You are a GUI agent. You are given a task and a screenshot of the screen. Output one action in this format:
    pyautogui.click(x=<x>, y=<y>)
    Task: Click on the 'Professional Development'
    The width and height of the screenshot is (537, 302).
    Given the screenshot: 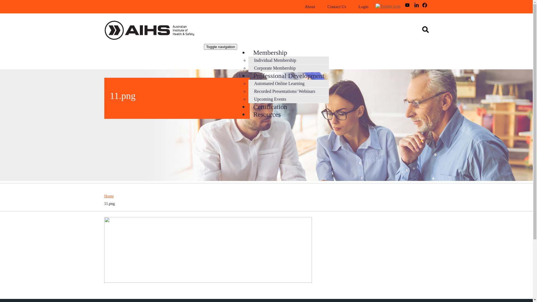 What is the action you would take?
    pyautogui.click(x=289, y=75)
    